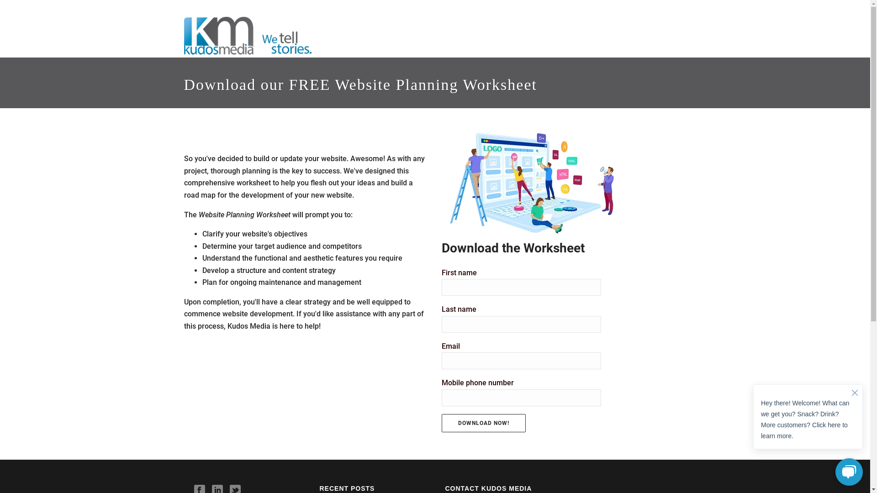 The height and width of the screenshot is (493, 877). I want to click on 'Kudos Media', so click(183, 36).